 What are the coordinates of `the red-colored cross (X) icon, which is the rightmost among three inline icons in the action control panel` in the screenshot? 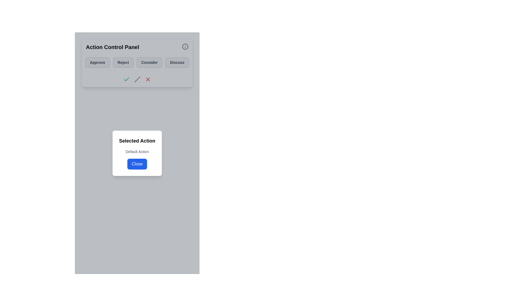 It's located at (148, 79).